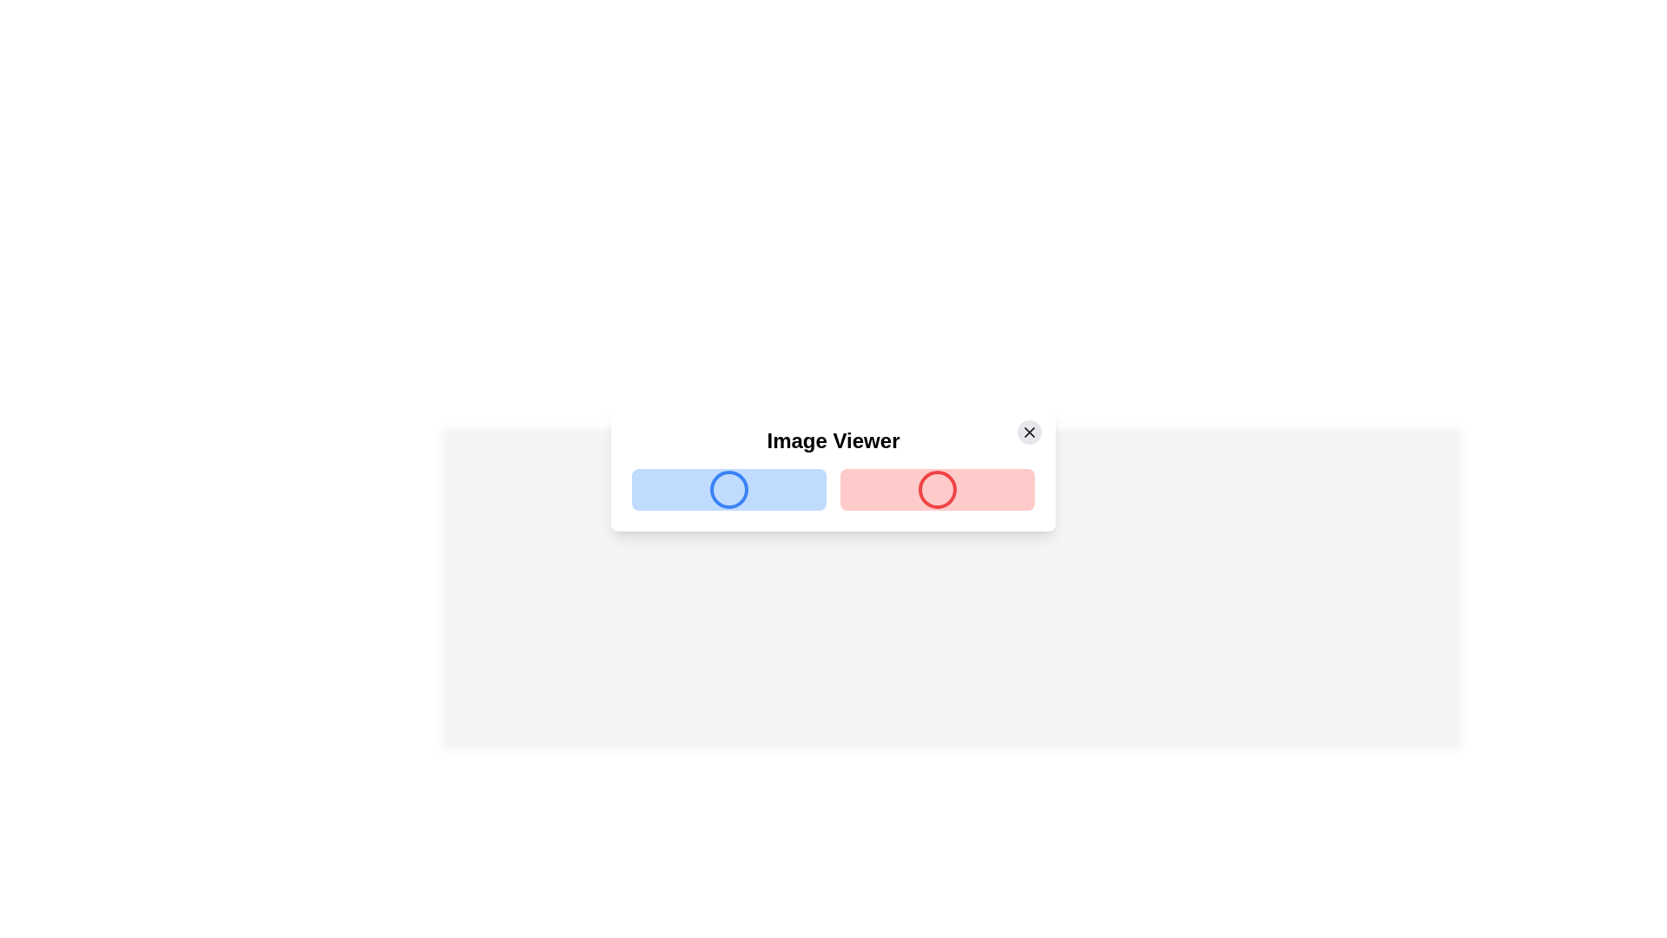 This screenshot has height=938, width=1667. I want to click on the second button in the 2-column grid layout within the 'Image Viewer' modal, which has a light red background and a red circular icon, so click(937, 489).